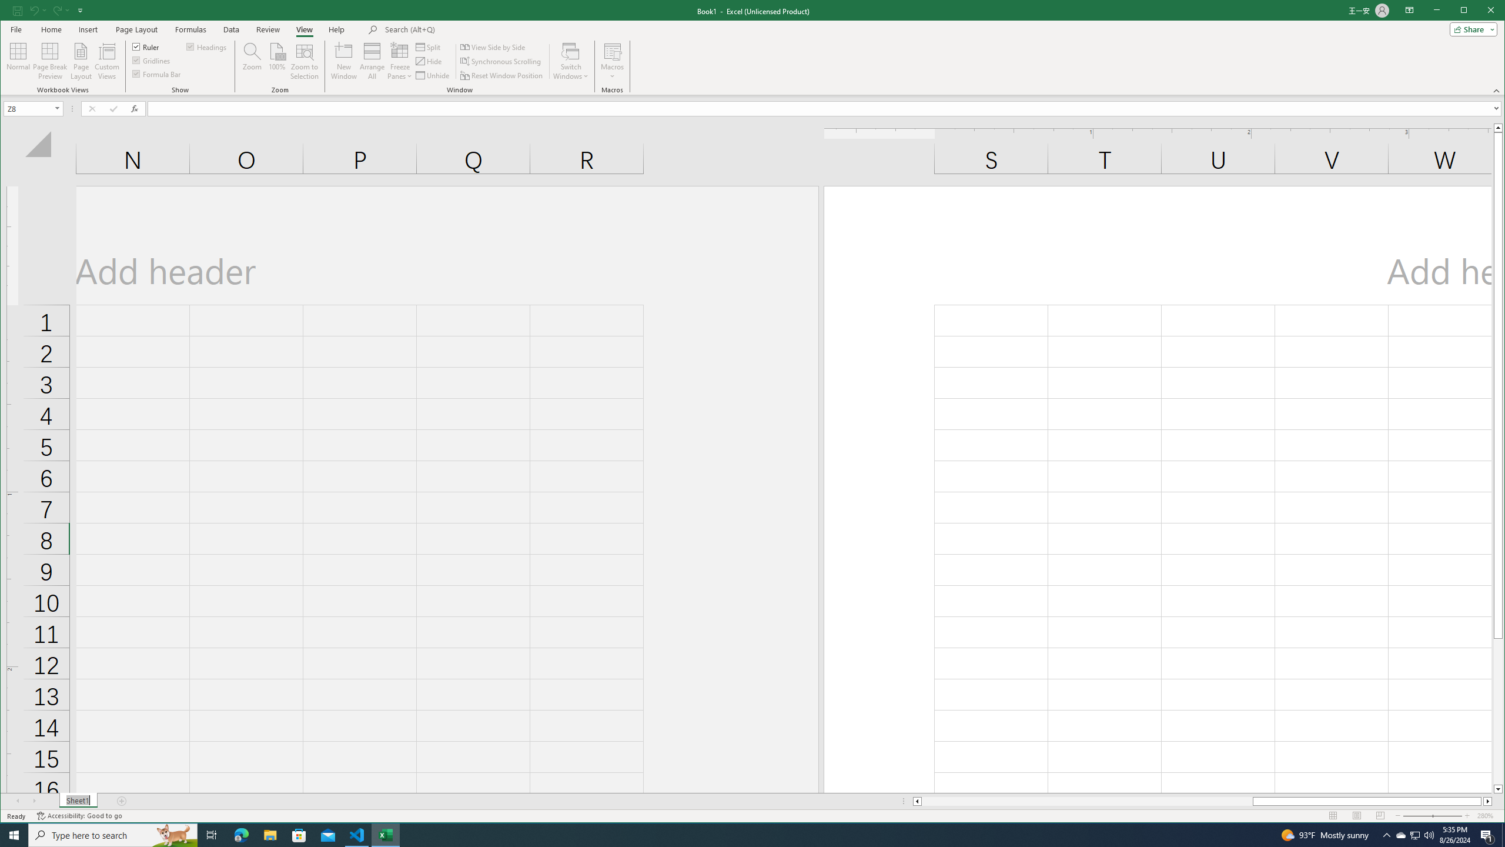  I want to click on 'Hide', so click(429, 61).